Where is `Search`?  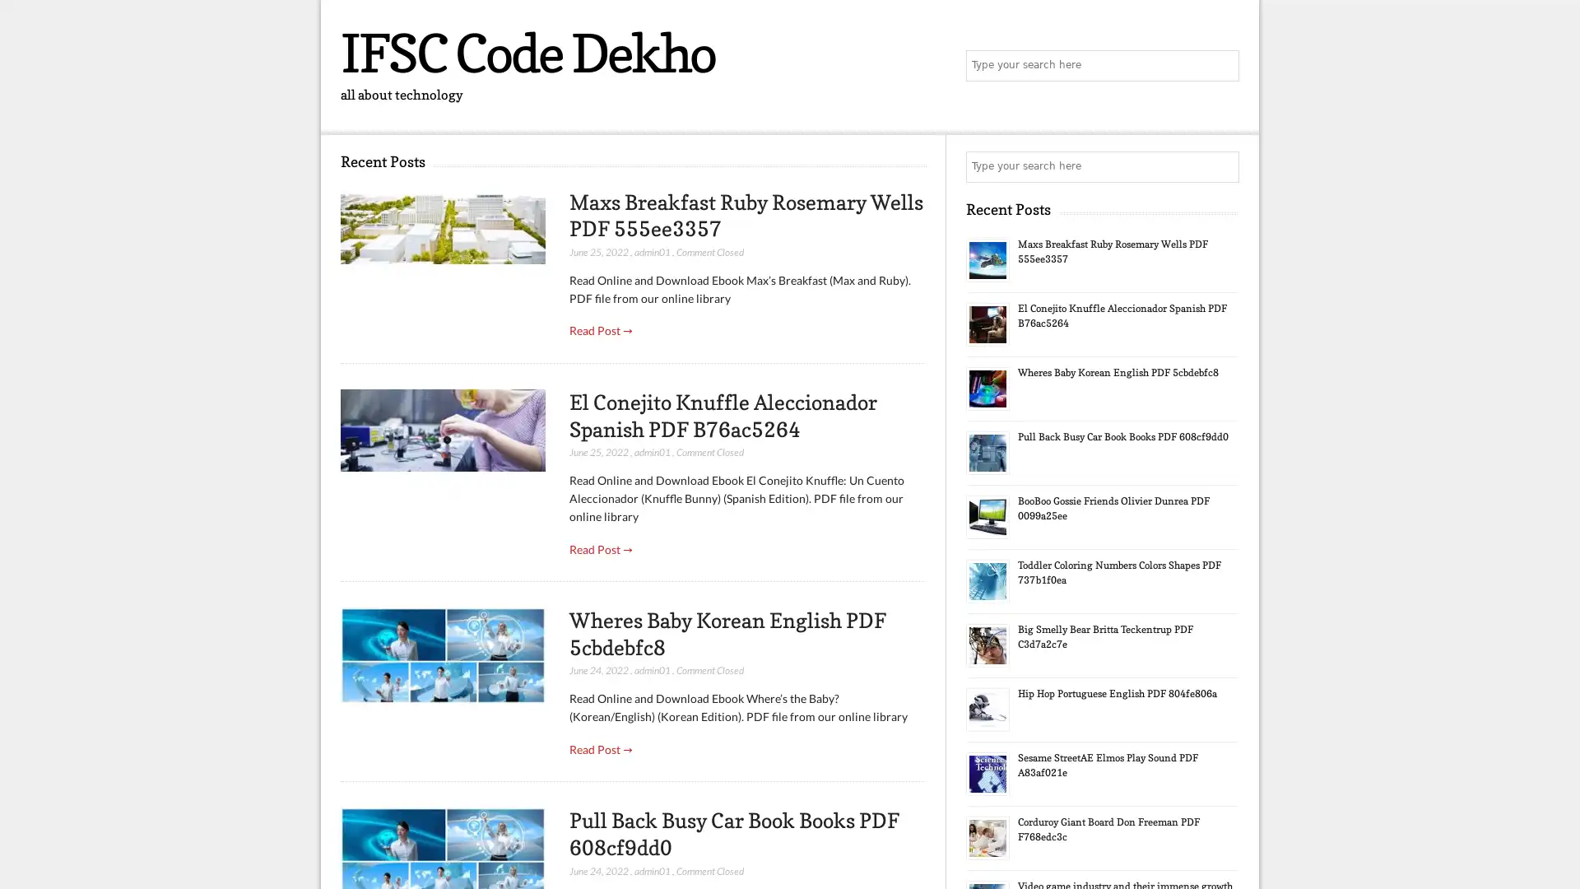 Search is located at coordinates (1222, 66).